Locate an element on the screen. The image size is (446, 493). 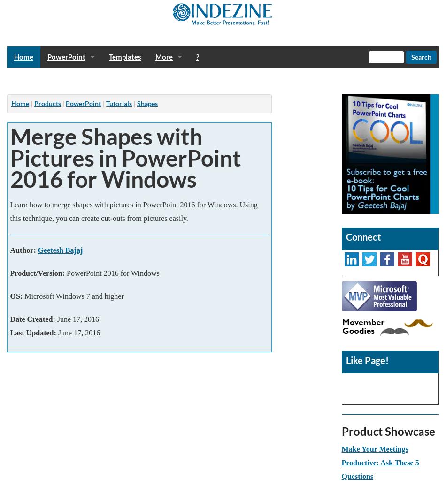
'Like Page!' is located at coordinates (345, 360).